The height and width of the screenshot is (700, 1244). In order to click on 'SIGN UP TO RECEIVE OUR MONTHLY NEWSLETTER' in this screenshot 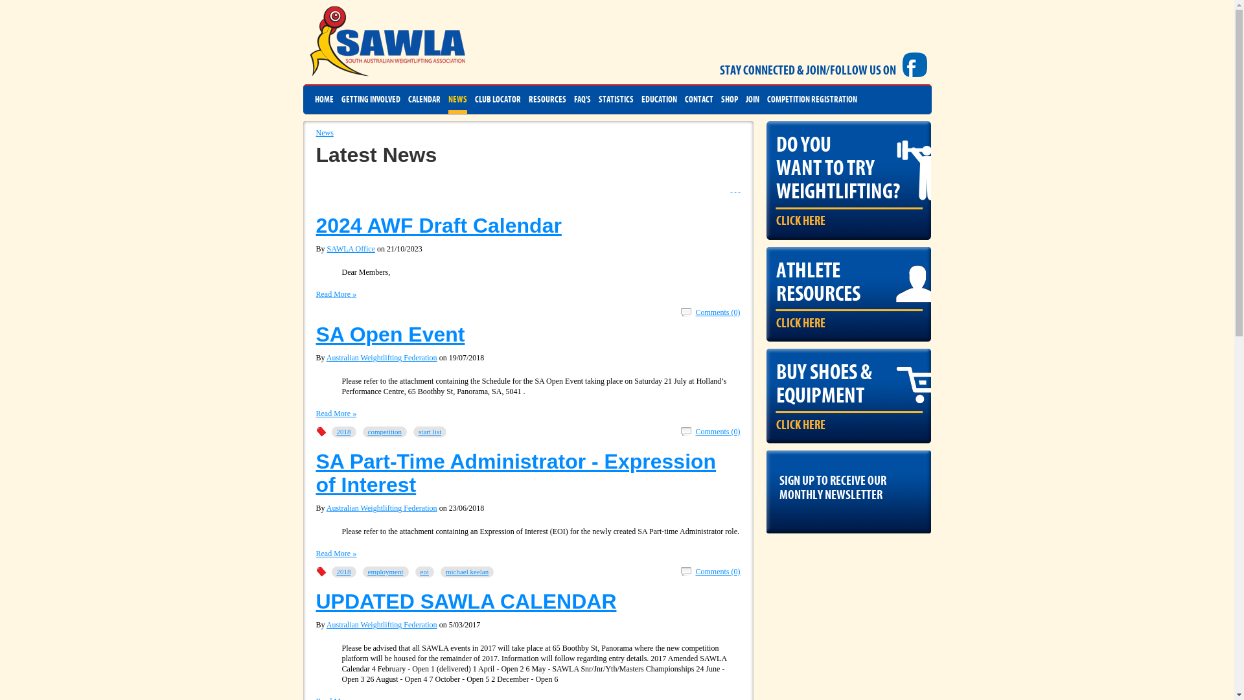, I will do `click(848, 485)`.